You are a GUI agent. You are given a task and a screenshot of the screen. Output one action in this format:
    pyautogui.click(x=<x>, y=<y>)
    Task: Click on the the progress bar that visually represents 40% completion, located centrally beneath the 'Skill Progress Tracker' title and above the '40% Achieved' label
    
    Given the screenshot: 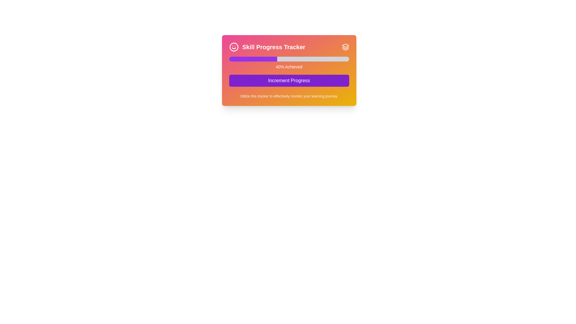 What is the action you would take?
    pyautogui.click(x=289, y=59)
    